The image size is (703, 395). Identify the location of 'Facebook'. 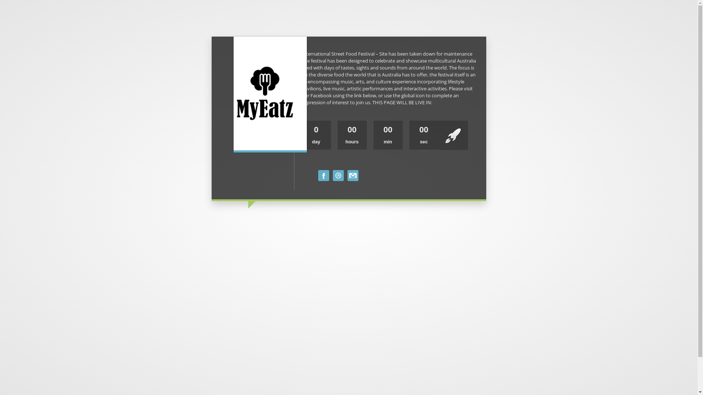
(323, 175).